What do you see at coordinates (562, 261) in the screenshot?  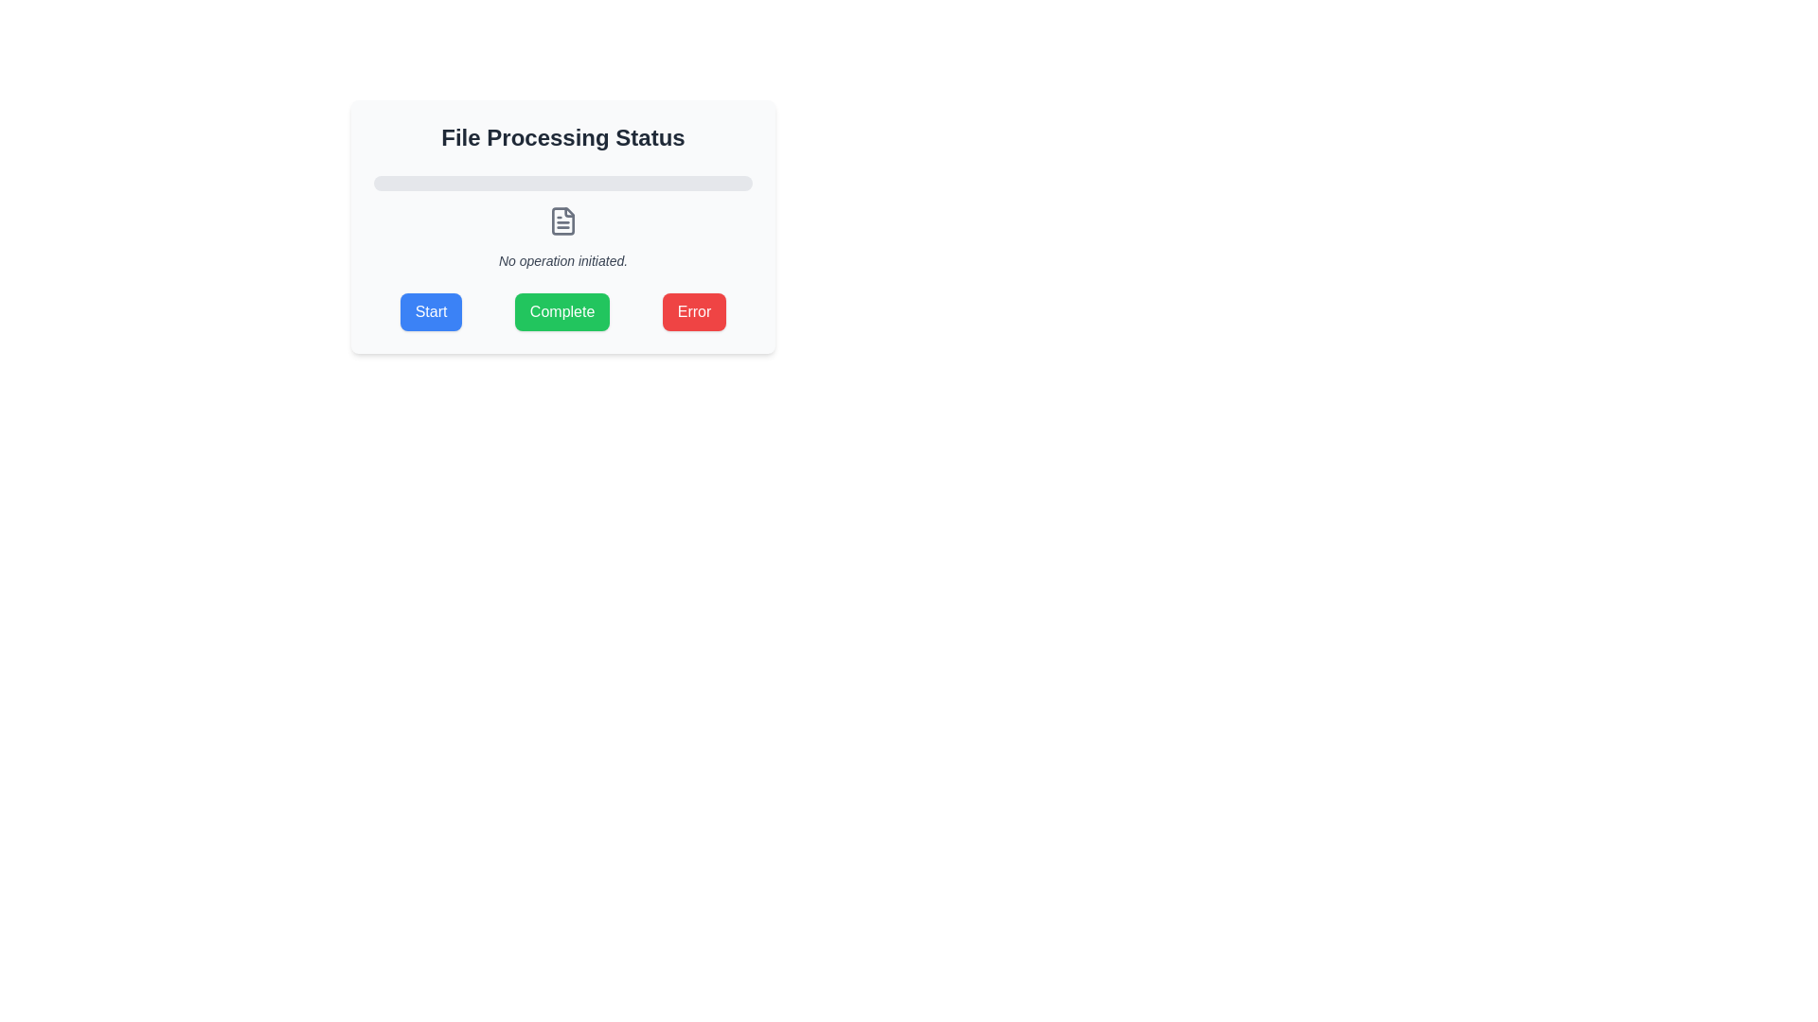 I see `the Text label that indicates the current message or status, located beneath the icon in the file processing status layout, specifically below the progress bar and above the buttons labeled 'Start', 'Complete', and 'Error'` at bounding box center [562, 261].